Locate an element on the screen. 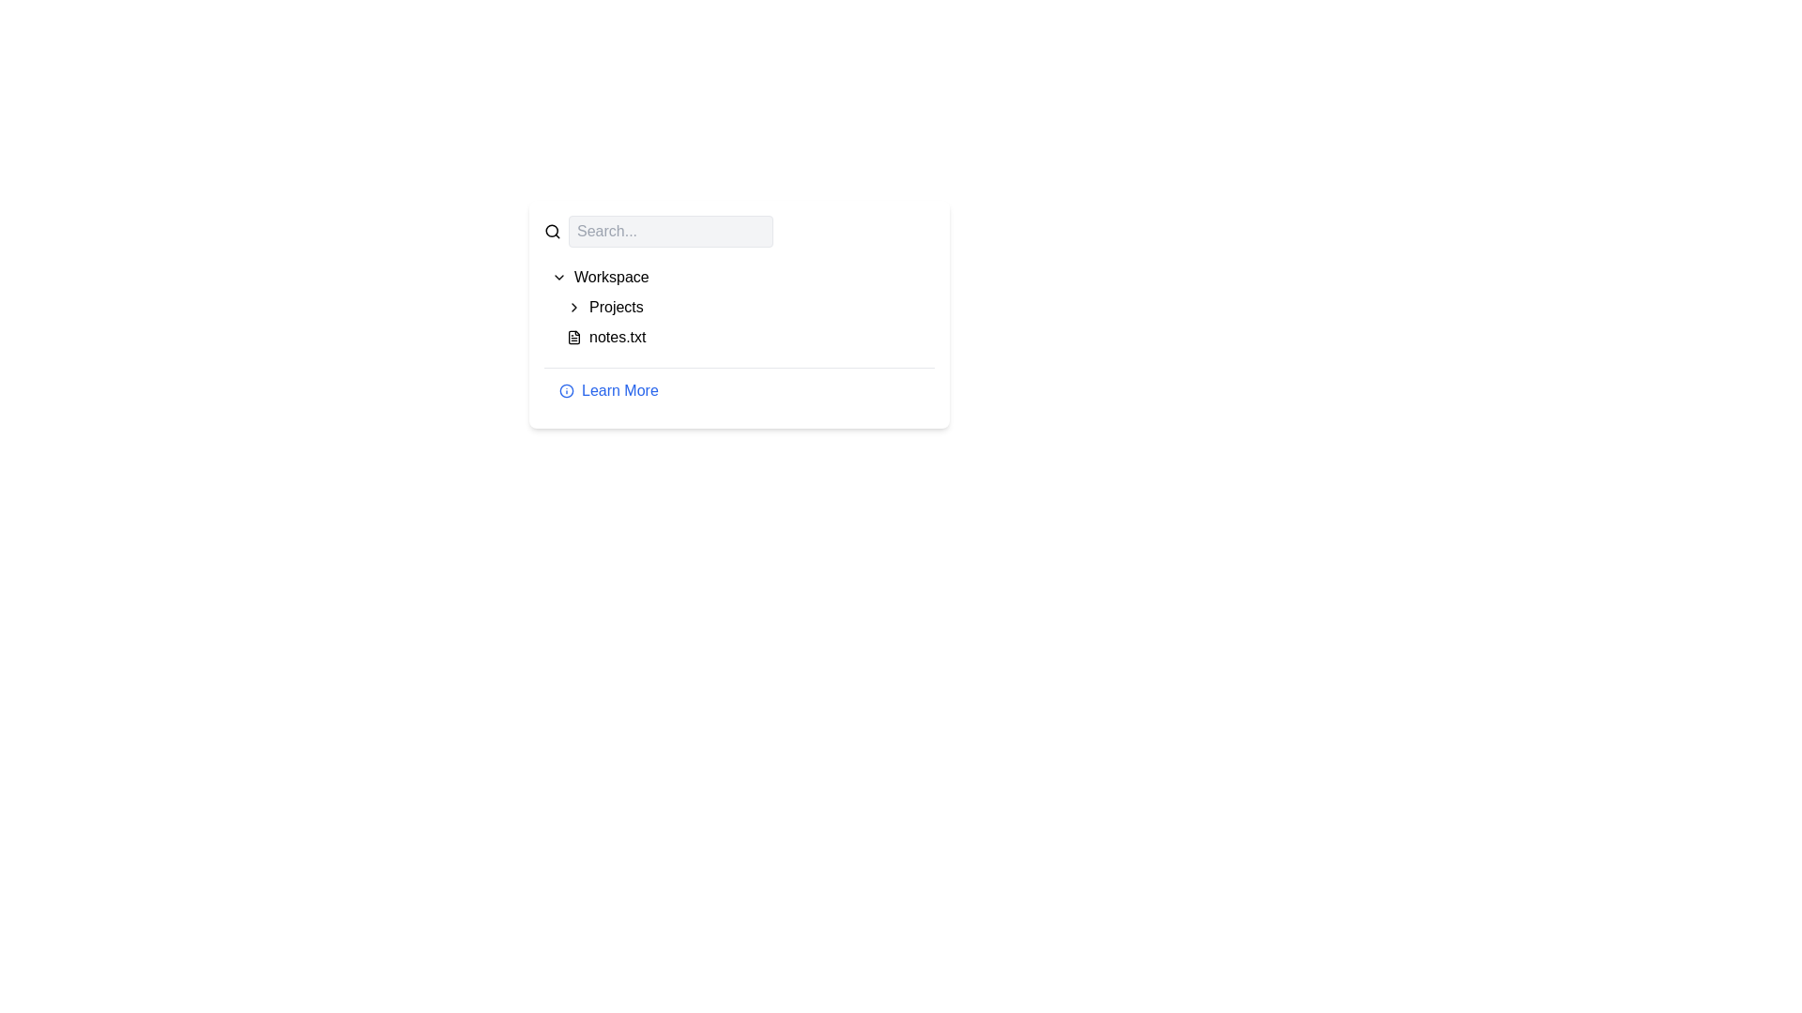  the text label located on the rightmost side of the clickable area, which is next to the information icon is located at coordinates (619, 389).